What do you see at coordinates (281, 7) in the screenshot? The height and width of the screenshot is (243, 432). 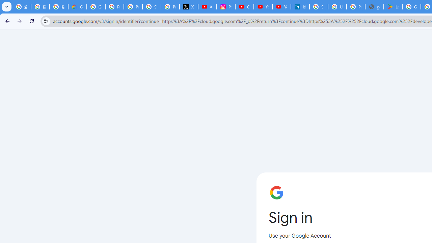 I see `'YouTube Culture & Trends - YouTube Top 10, 2021'` at bounding box center [281, 7].